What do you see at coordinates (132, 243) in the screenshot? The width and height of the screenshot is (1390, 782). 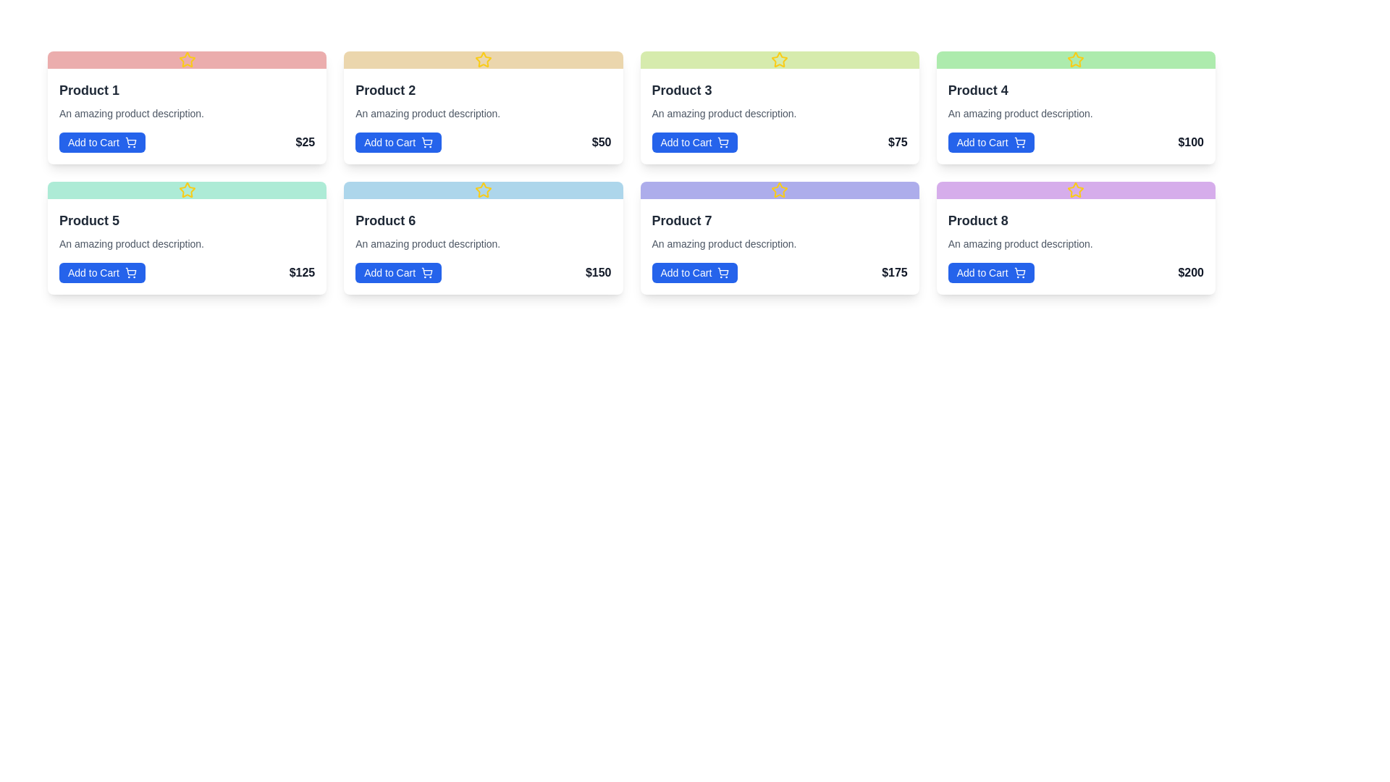 I see `the descriptive text for 'Product 5' located beneath the product title and above the 'Add to Cart' button` at bounding box center [132, 243].